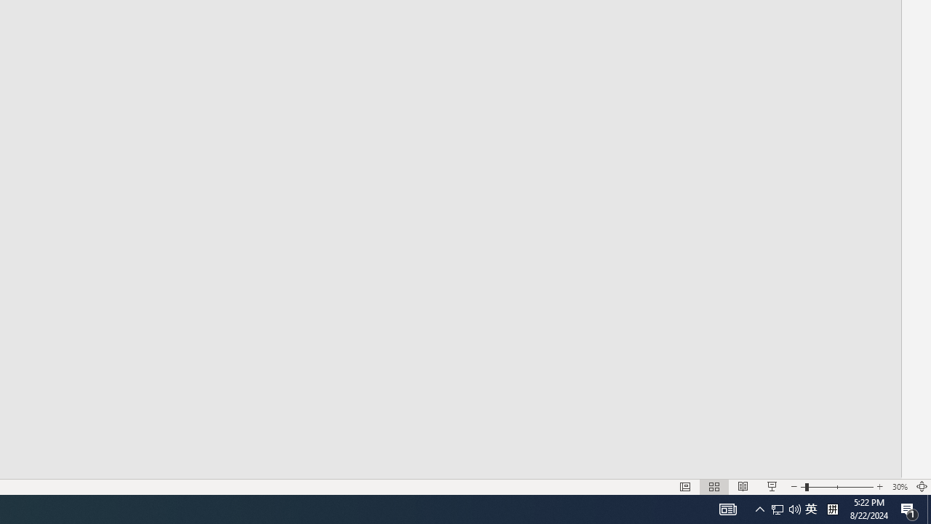 The width and height of the screenshot is (931, 524). What do you see at coordinates (921, 487) in the screenshot?
I see `'Zoom to Fit '` at bounding box center [921, 487].